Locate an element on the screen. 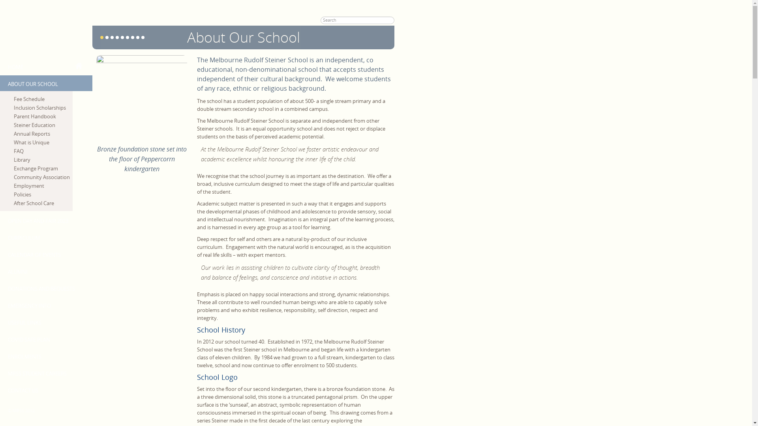 This screenshot has height=426, width=758. 'FAQ' is located at coordinates (43, 151).